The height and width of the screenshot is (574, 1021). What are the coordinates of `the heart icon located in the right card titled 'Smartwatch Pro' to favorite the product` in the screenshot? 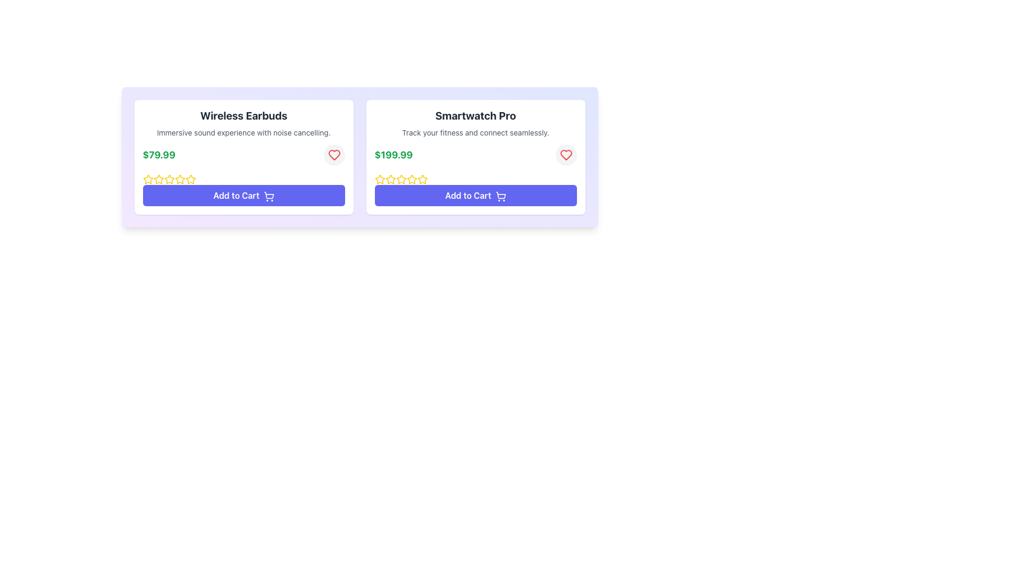 It's located at (565, 155).